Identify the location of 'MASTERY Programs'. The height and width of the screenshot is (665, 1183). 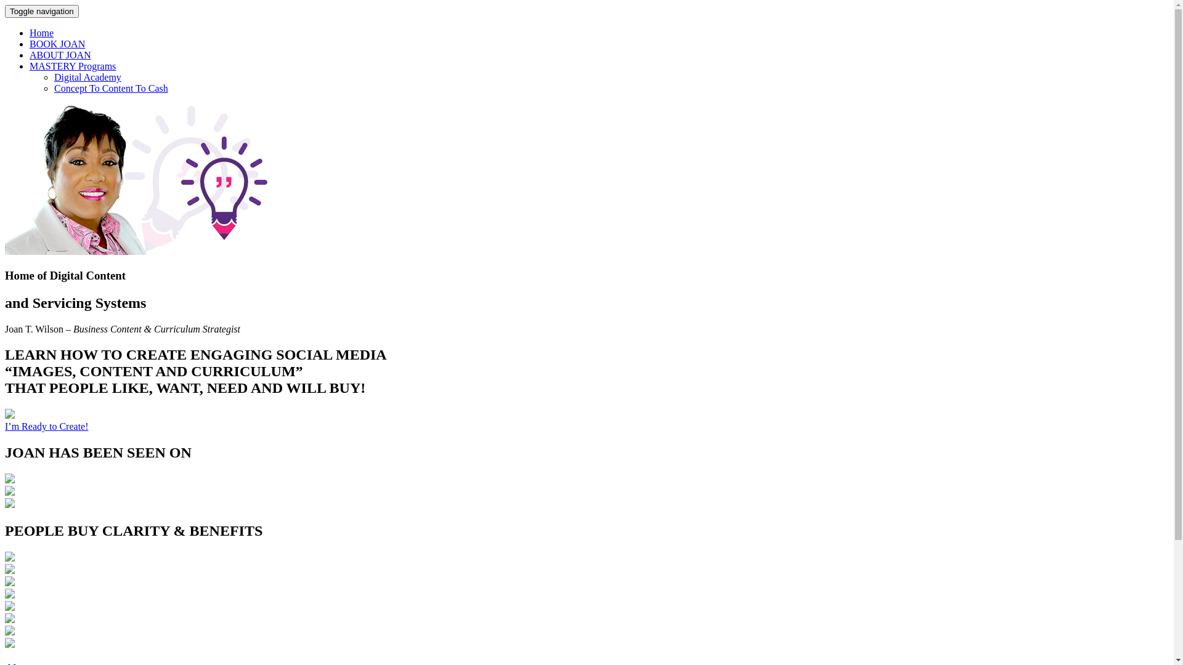
(72, 66).